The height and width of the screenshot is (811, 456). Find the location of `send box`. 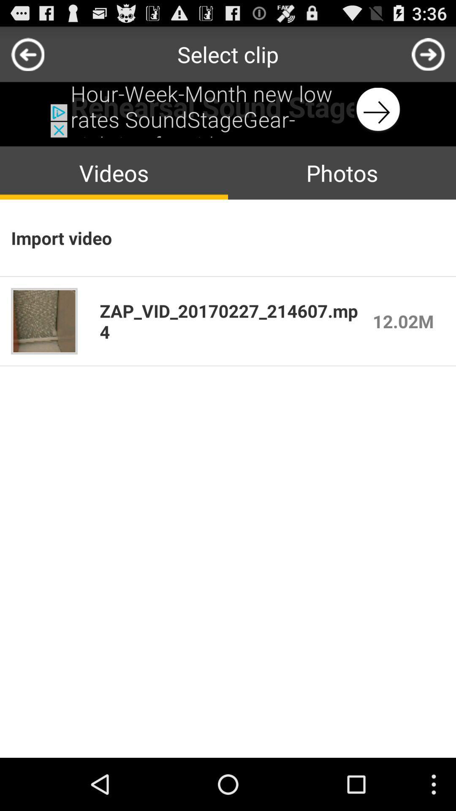

send box is located at coordinates (428, 54).